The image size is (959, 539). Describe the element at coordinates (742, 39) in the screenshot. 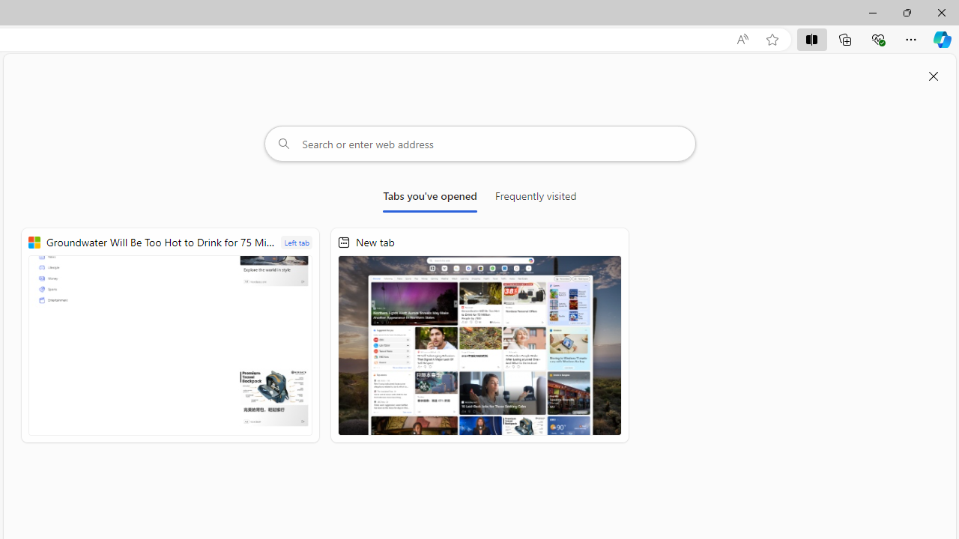

I see `'Read aloud this page (Ctrl+Shift+U)'` at that location.